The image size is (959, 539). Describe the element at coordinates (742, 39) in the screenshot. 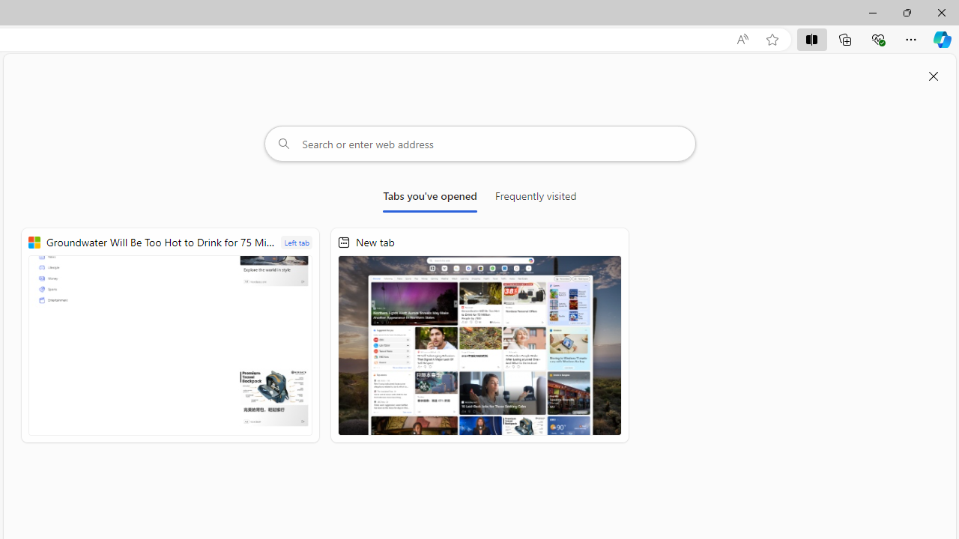

I see `'Read aloud this page (Ctrl+Shift+U)'` at that location.